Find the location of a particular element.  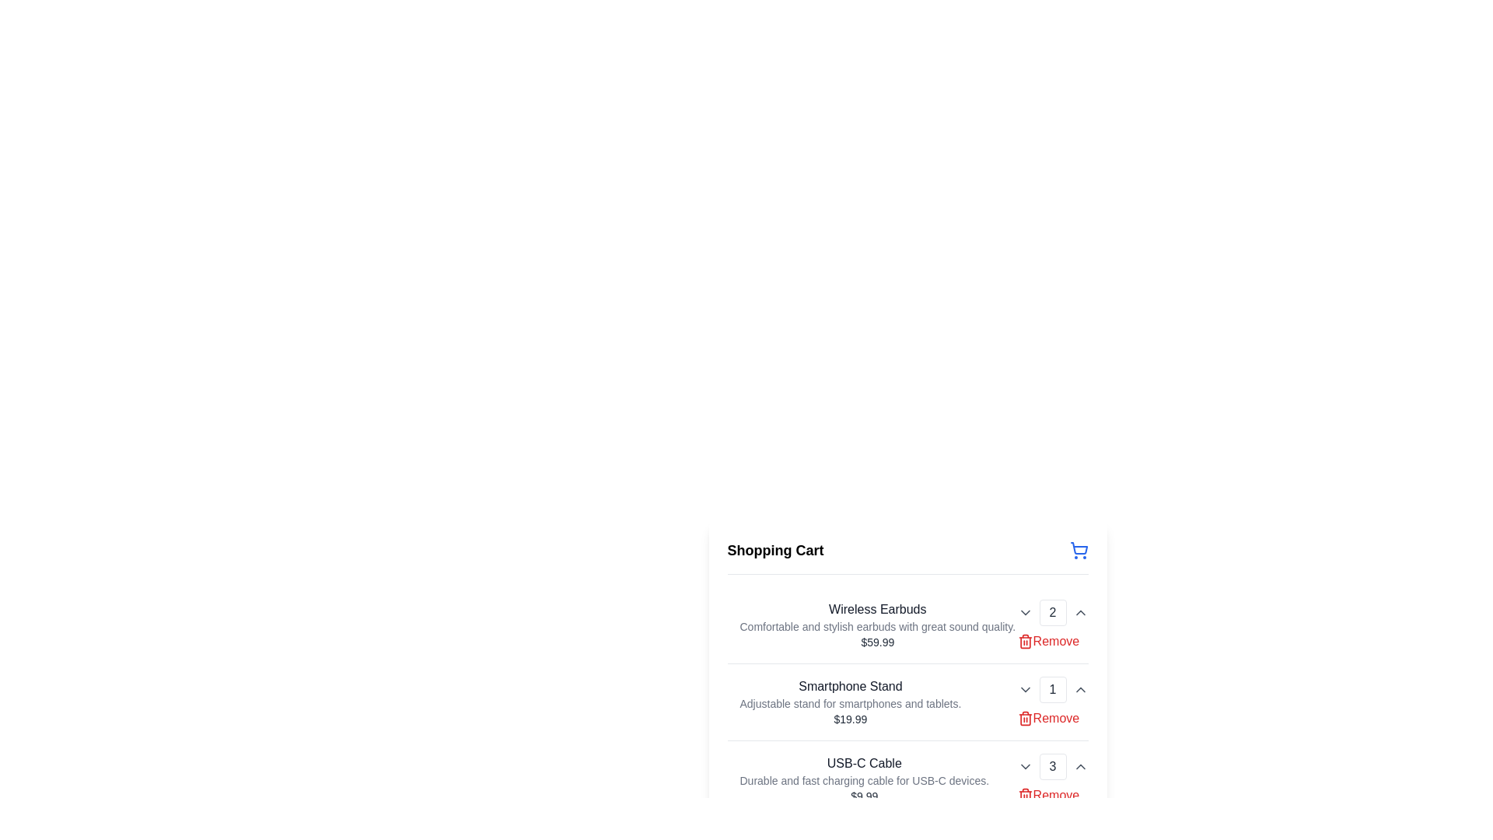

the trash bin icon button located to the left of the 'Remove' text label for 'Smartphone Stand' in the shopping cart is located at coordinates (1025, 719).